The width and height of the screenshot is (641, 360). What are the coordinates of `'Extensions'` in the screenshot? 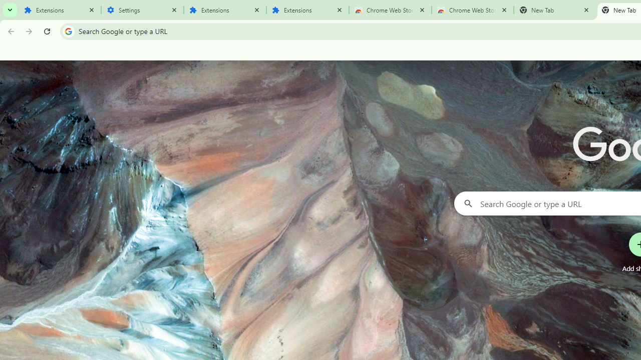 It's located at (59, 10).